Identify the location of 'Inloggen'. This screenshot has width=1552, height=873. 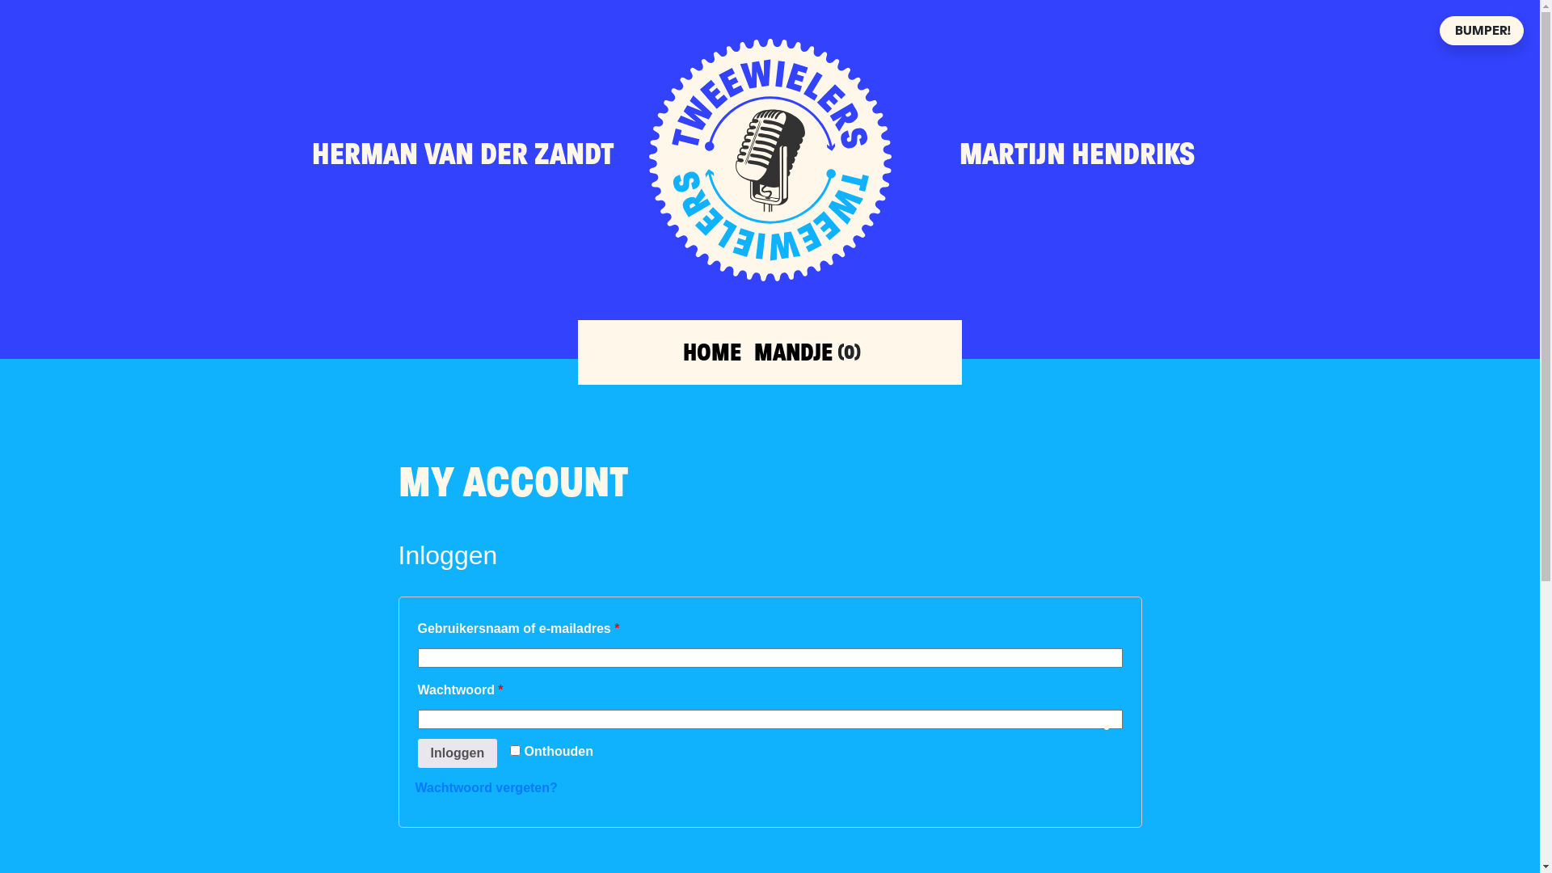
(456, 753).